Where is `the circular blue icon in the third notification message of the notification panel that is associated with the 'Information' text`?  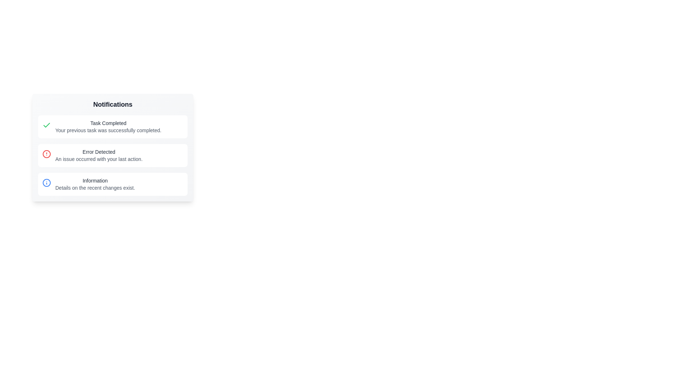 the circular blue icon in the third notification message of the notification panel that is associated with the 'Information' text is located at coordinates (46, 183).